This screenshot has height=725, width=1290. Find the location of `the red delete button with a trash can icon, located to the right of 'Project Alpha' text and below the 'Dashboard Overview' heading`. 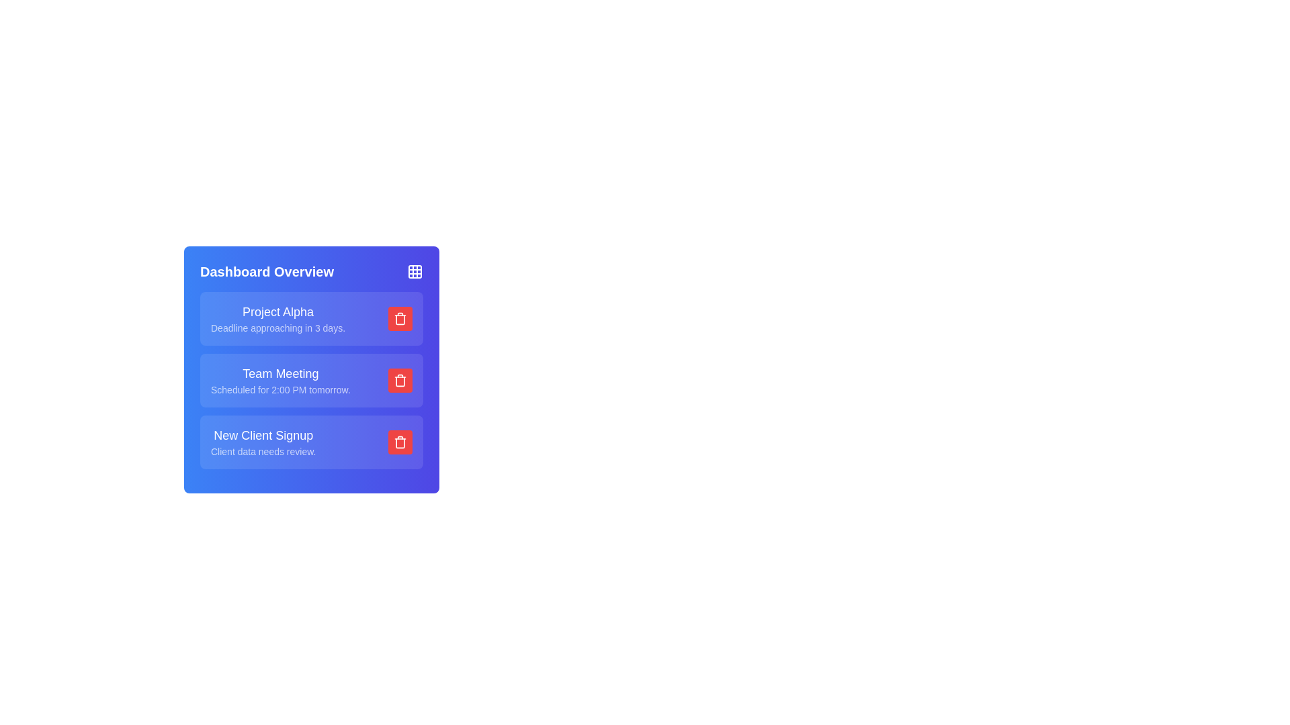

the red delete button with a trash can icon, located to the right of 'Project Alpha' text and below the 'Dashboard Overview' heading is located at coordinates (399, 318).